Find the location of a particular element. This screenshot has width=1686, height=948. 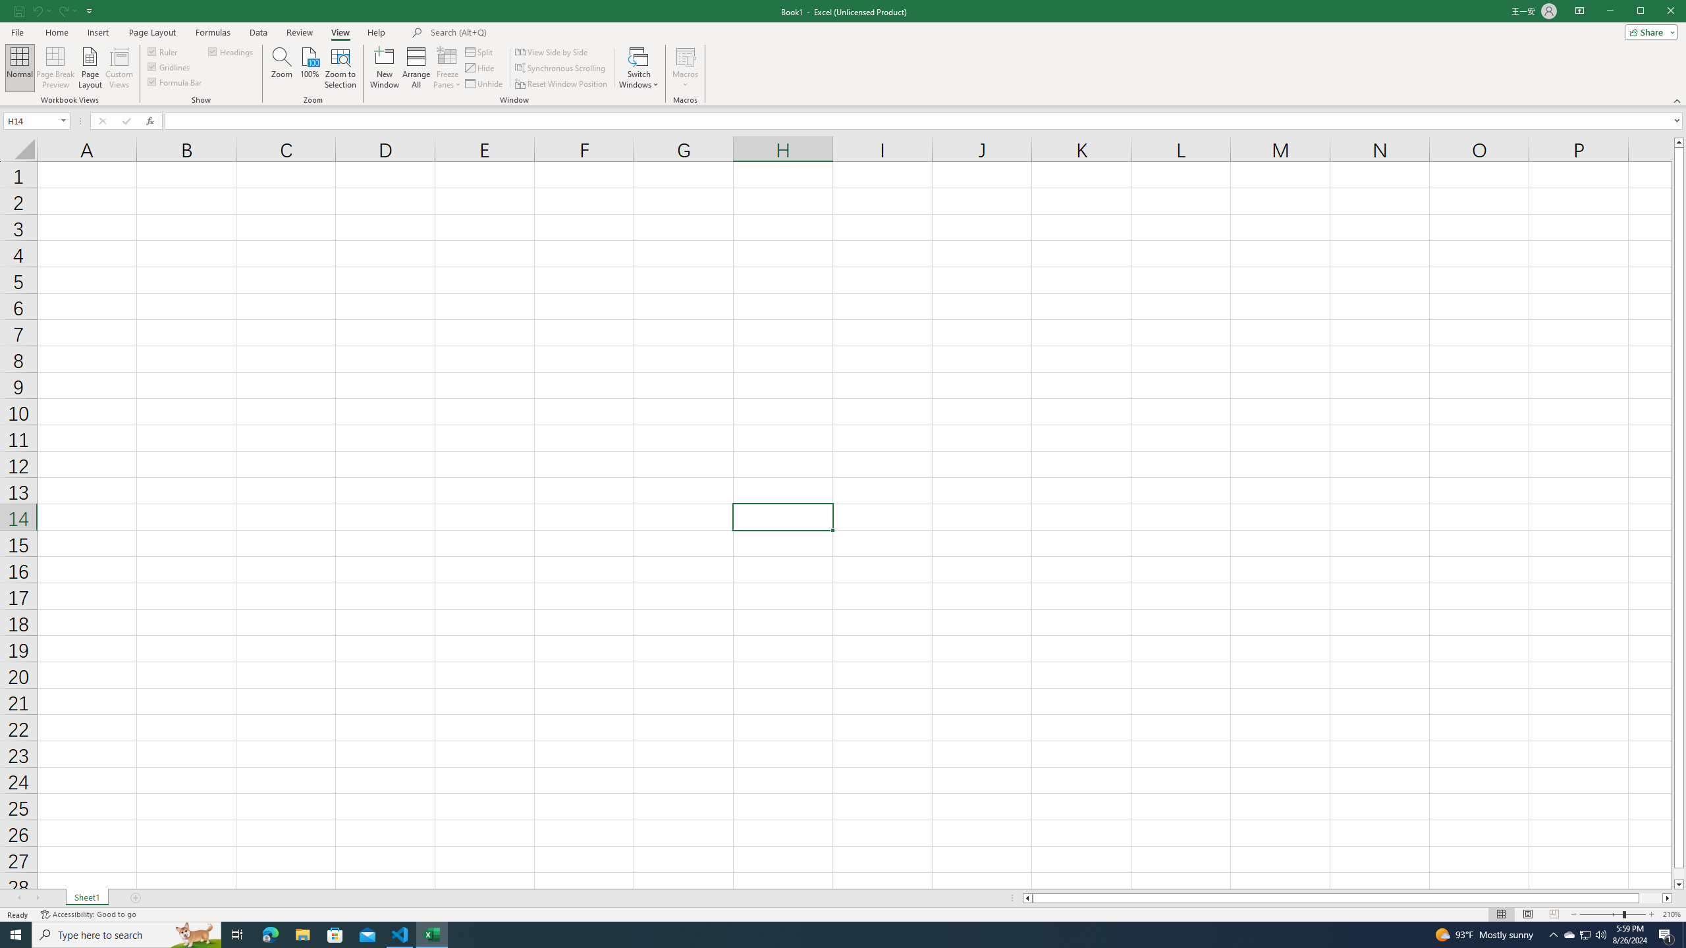

'Gridlines' is located at coordinates (169, 65).